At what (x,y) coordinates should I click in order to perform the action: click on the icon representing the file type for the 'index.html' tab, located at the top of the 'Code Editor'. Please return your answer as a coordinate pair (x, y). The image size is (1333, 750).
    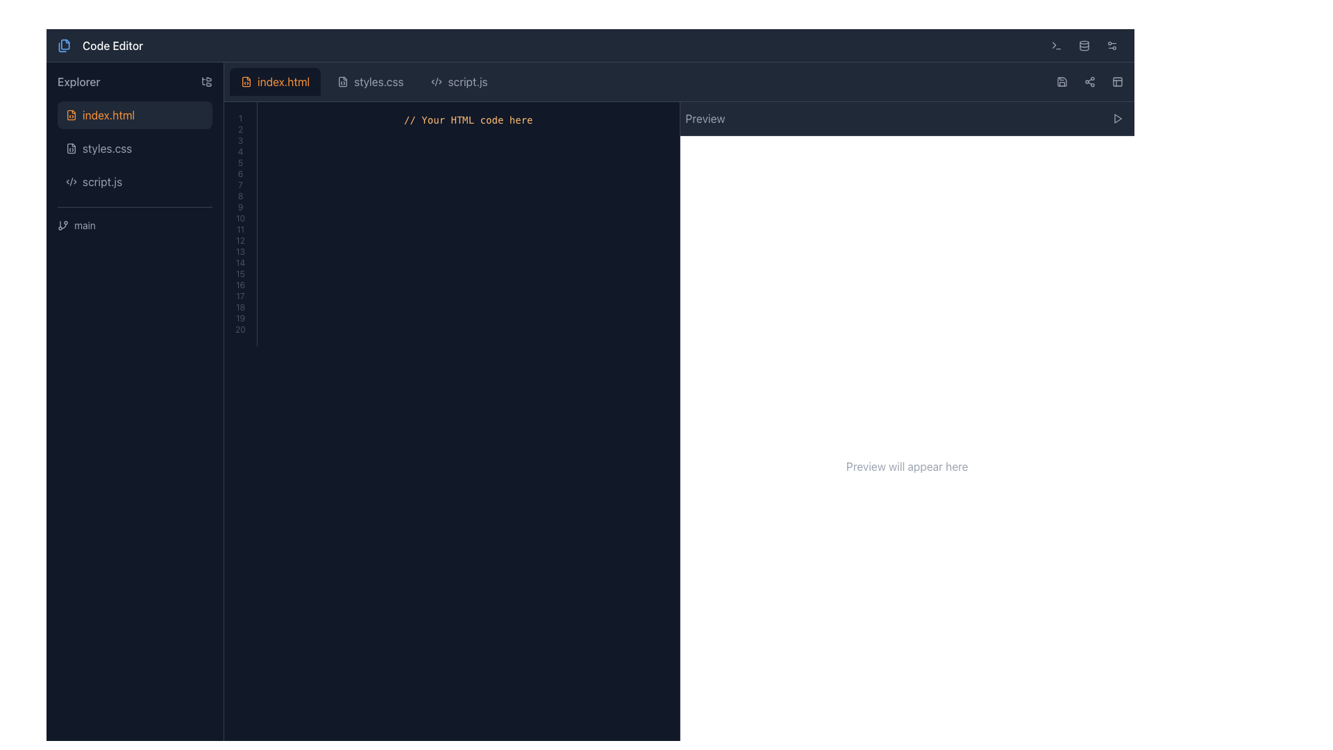
    Looking at the image, I should click on (246, 82).